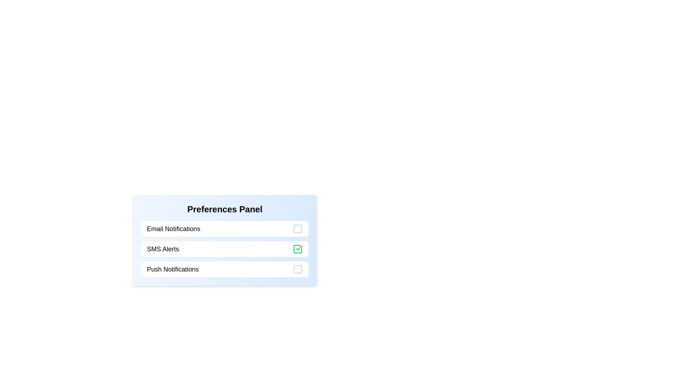  I want to click on the checkbox in the preferences menu, so click(225, 249).